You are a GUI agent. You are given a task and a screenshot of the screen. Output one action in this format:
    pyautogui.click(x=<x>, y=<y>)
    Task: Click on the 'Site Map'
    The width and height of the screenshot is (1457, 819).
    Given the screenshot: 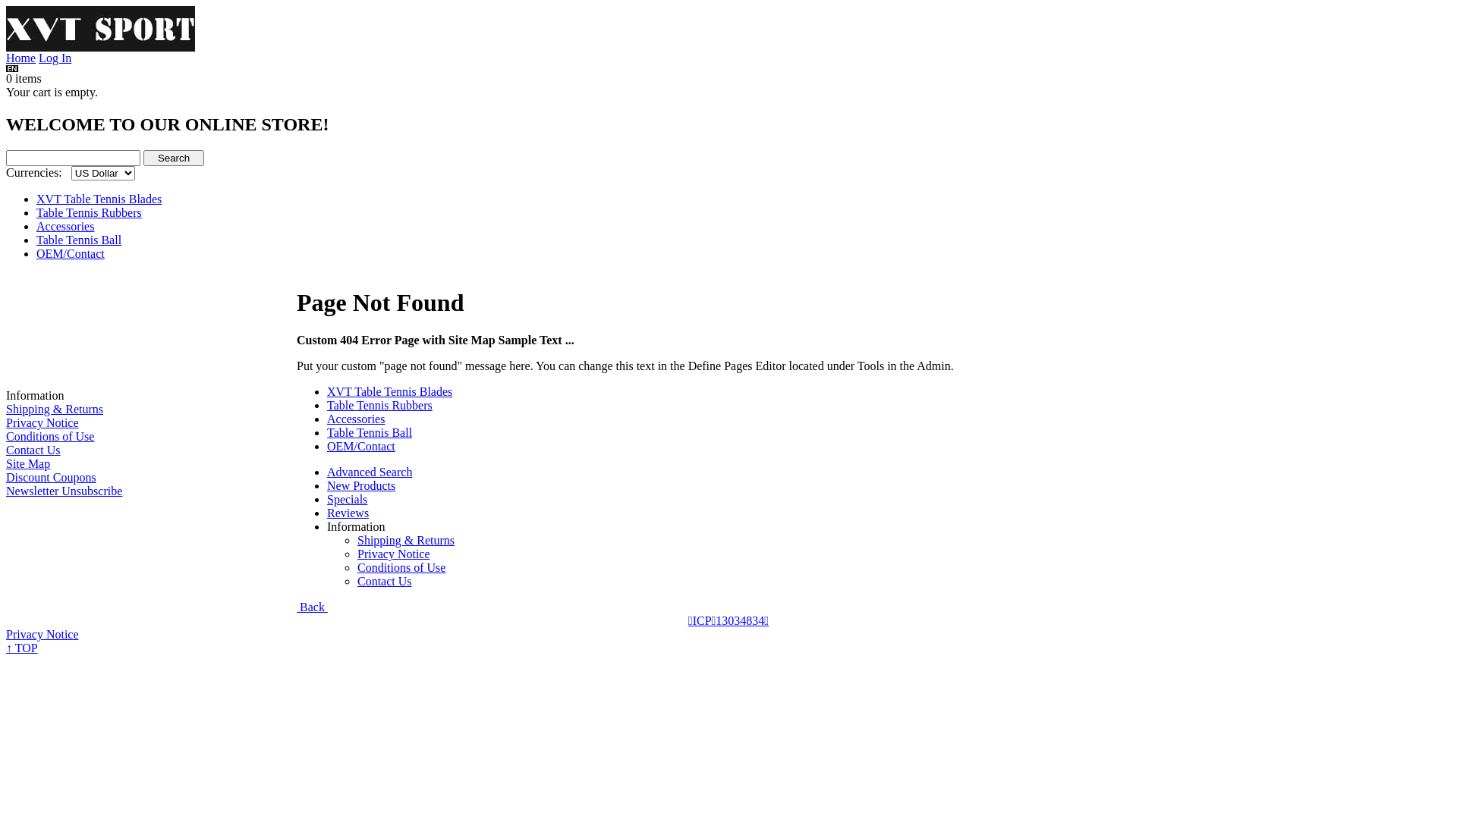 What is the action you would take?
    pyautogui.click(x=28, y=463)
    